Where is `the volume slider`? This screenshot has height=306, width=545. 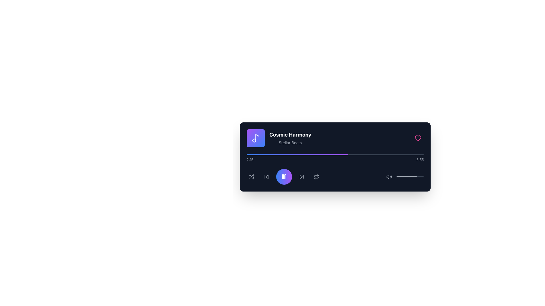
the volume slider is located at coordinates (408, 177).